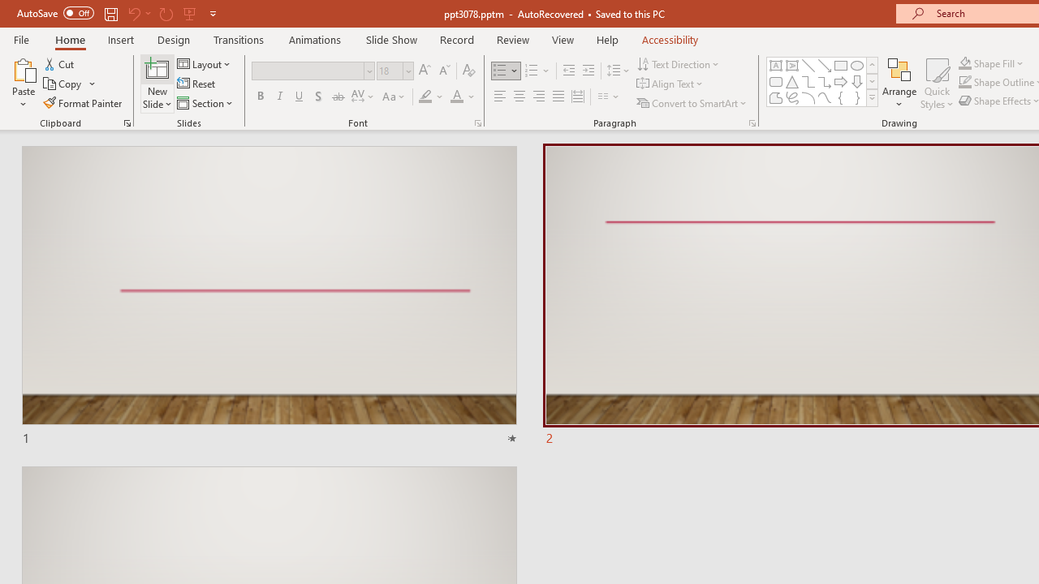 The height and width of the screenshot is (584, 1039). Describe the element at coordinates (825, 97) in the screenshot. I see `'Curve'` at that location.